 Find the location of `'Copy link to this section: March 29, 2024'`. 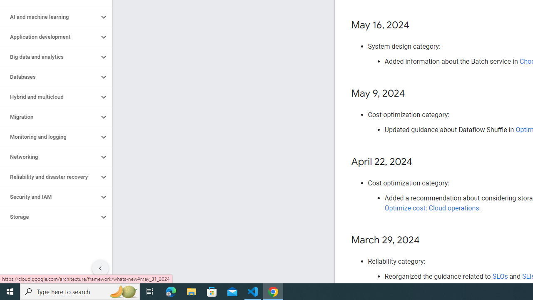

'Copy link to this section: March 29, 2024' is located at coordinates (428, 240).